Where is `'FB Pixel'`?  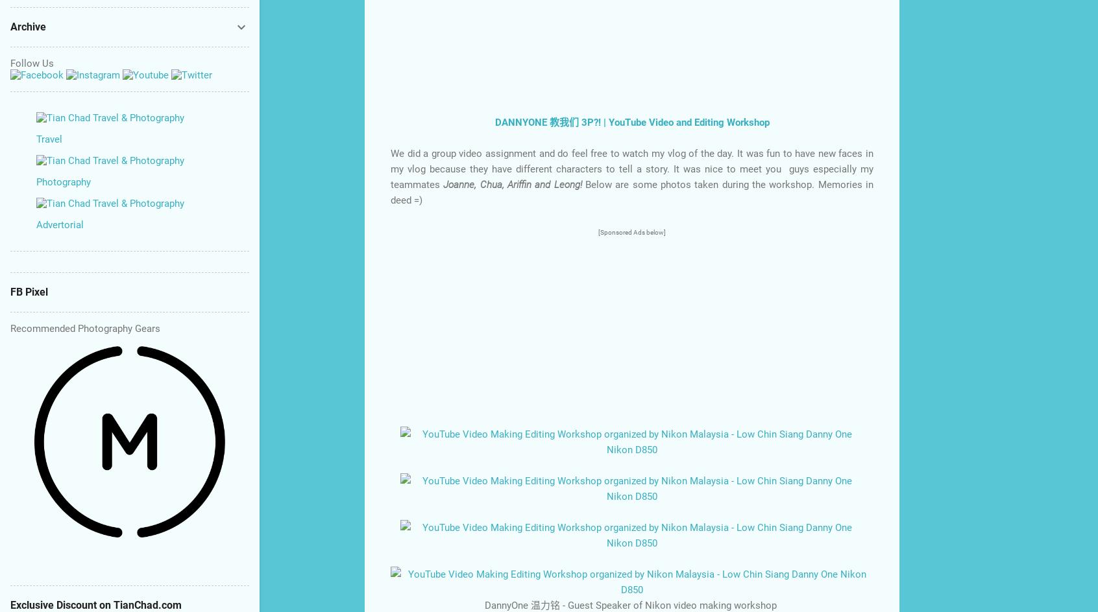 'FB Pixel' is located at coordinates (29, 291).